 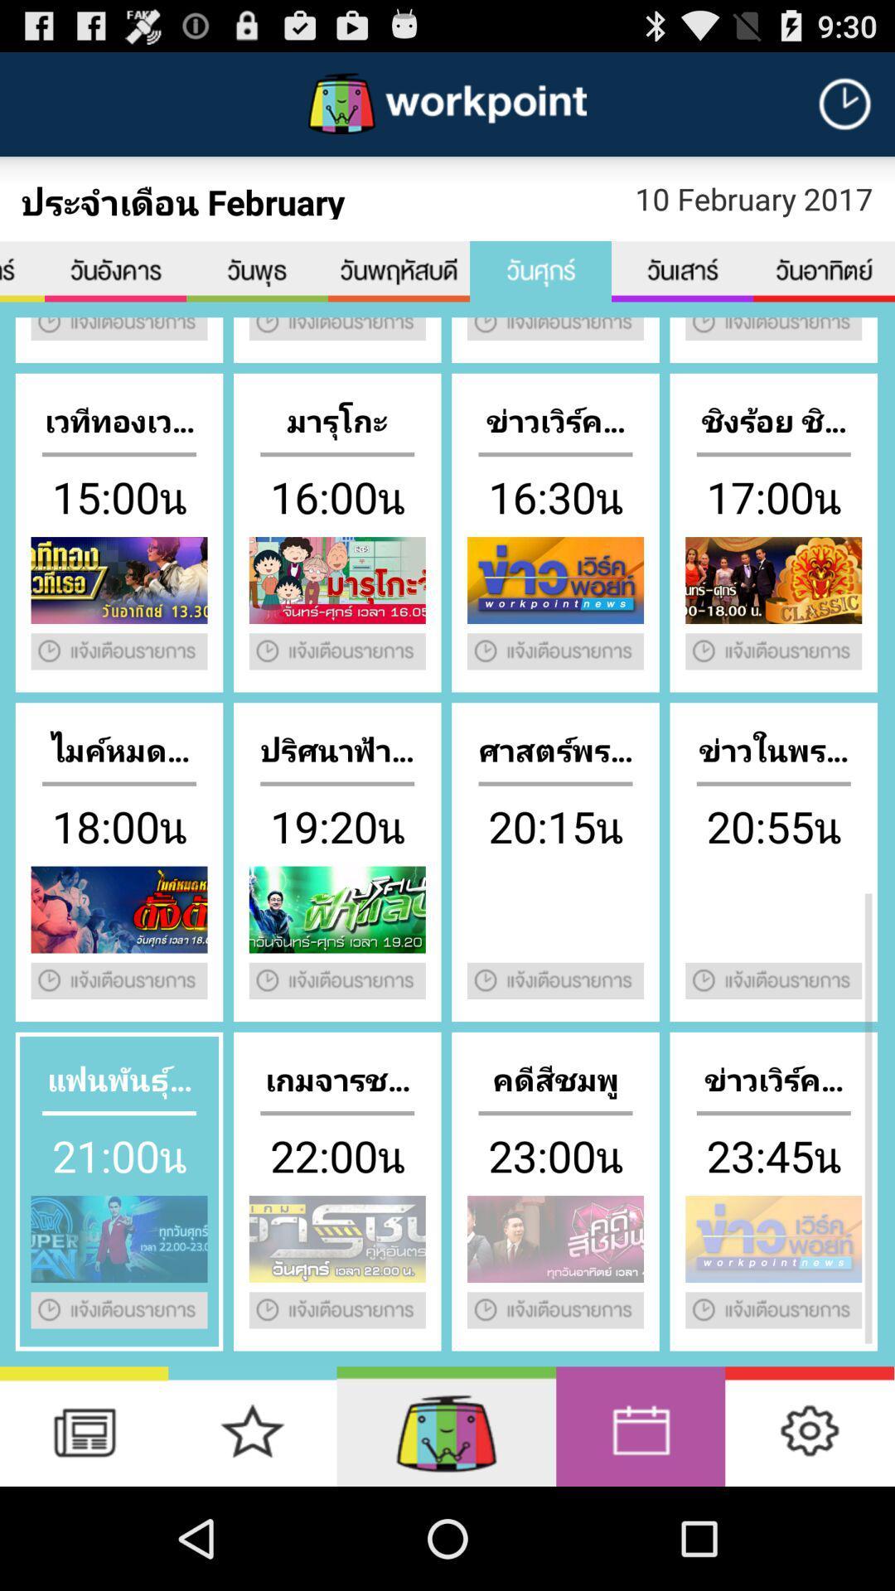 What do you see at coordinates (682, 290) in the screenshot?
I see `the date_range icon` at bounding box center [682, 290].